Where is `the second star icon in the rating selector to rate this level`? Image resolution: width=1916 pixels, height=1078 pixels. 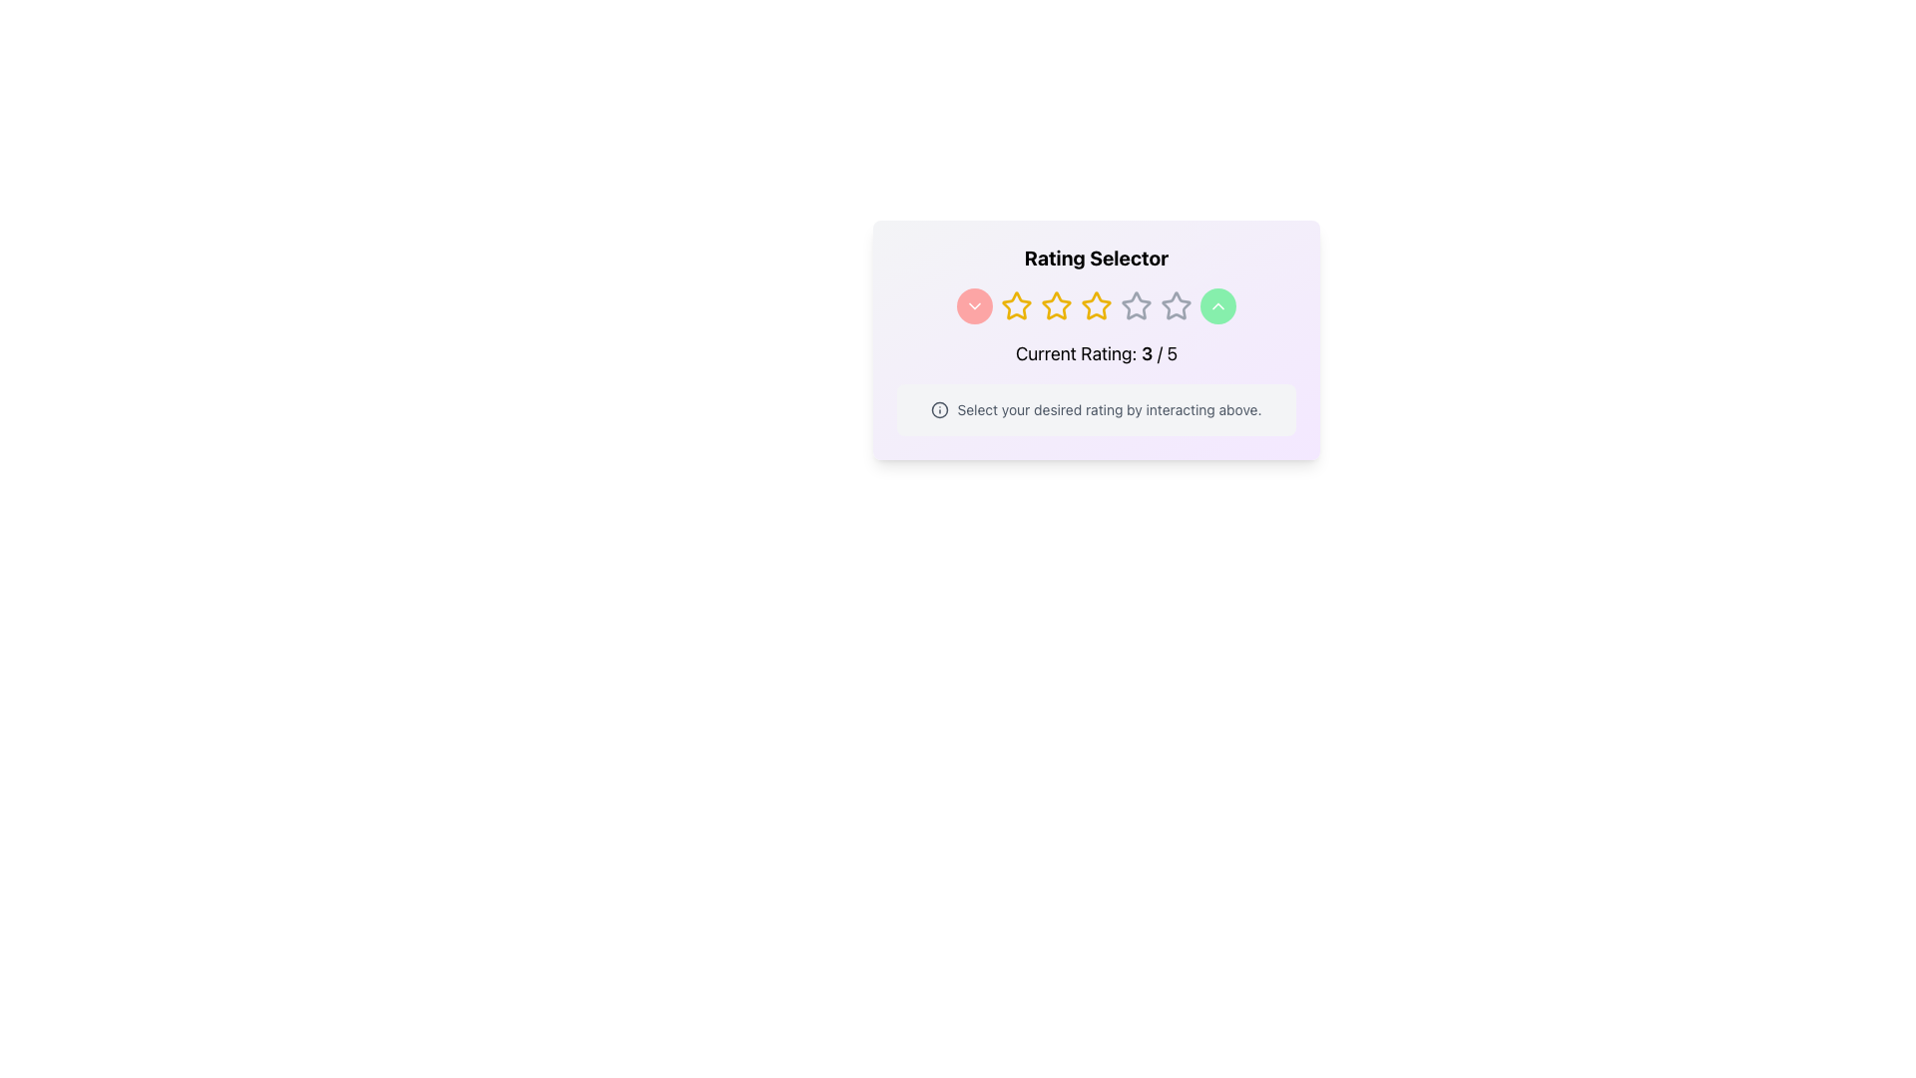 the second star icon in the rating selector to rate this level is located at coordinates (1016, 306).